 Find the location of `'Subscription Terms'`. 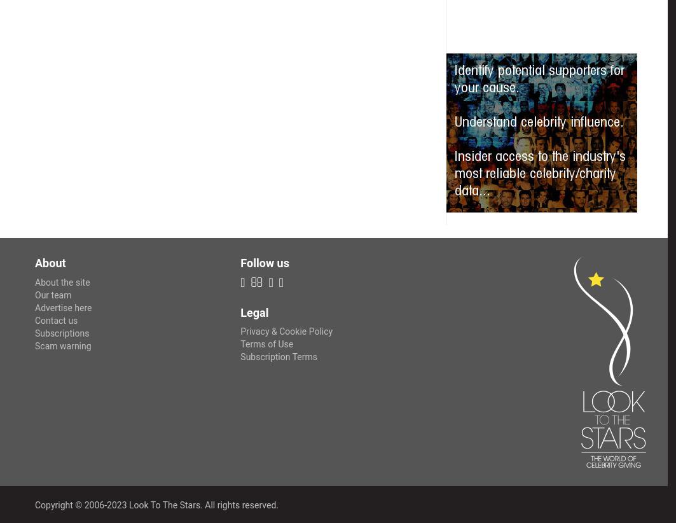

'Subscription Terms' is located at coordinates (279, 357).